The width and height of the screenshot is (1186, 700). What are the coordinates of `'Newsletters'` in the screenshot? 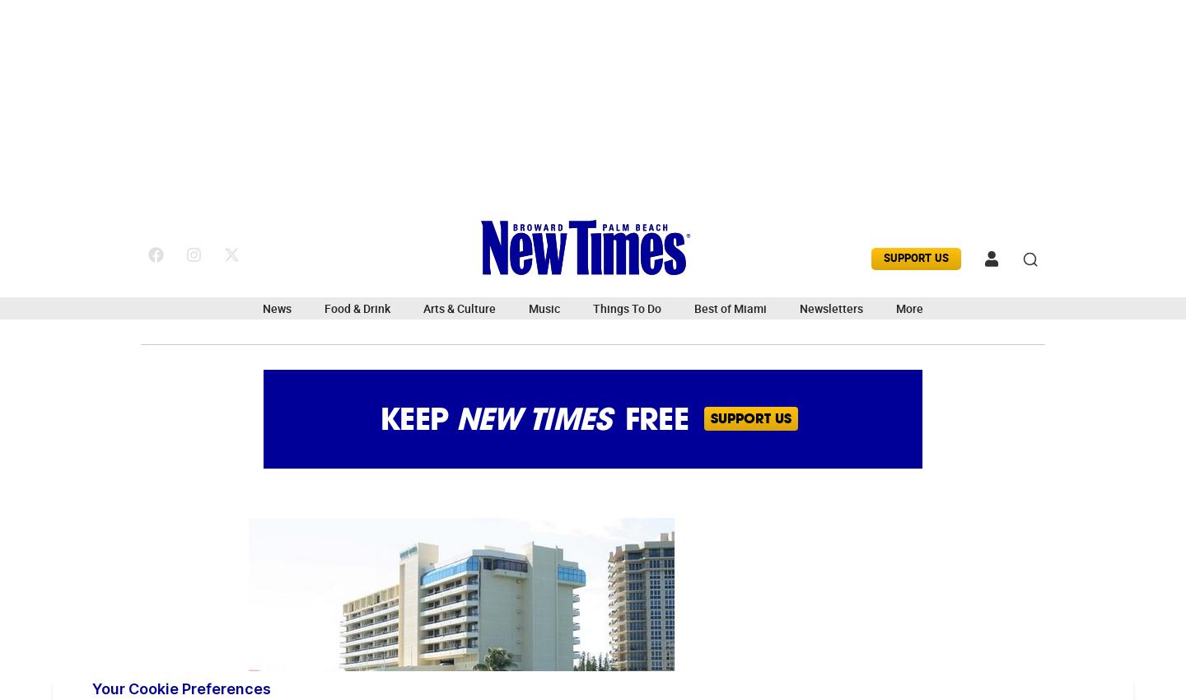 It's located at (830, 308).